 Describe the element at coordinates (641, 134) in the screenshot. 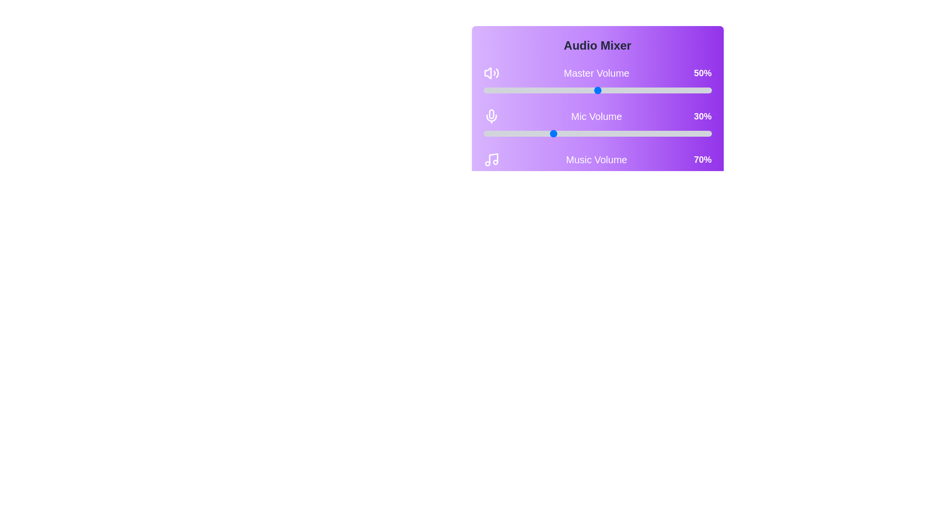

I see `the microphone volume` at that location.